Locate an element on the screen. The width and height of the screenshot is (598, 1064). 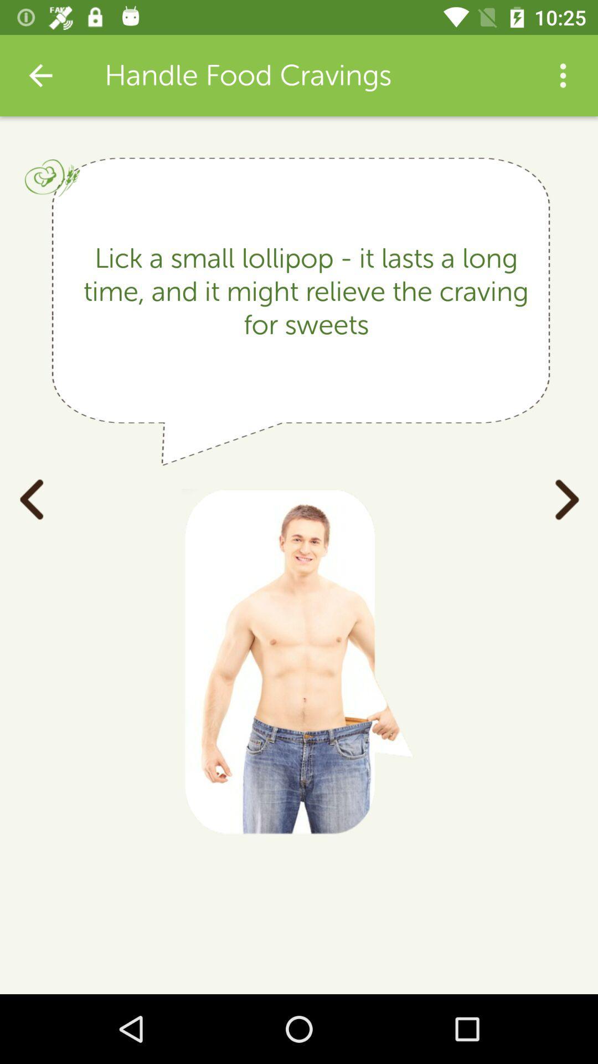
the icon next to handle food cravings is located at coordinates (563, 75).